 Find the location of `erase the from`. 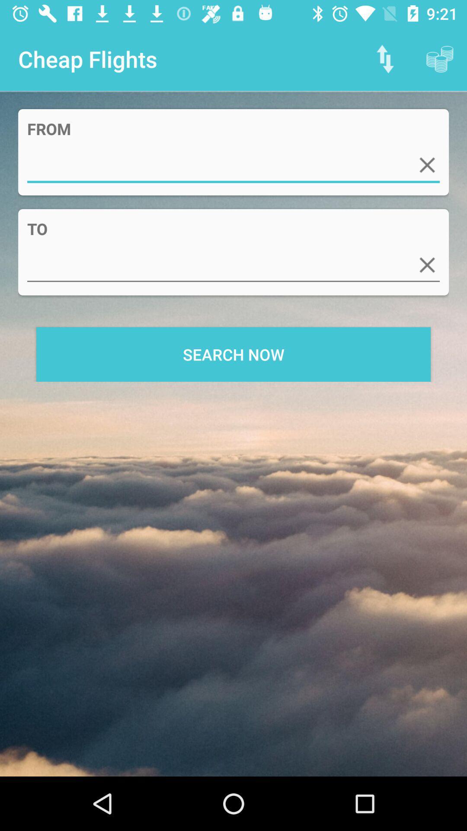

erase the from is located at coordinates (427, 165).